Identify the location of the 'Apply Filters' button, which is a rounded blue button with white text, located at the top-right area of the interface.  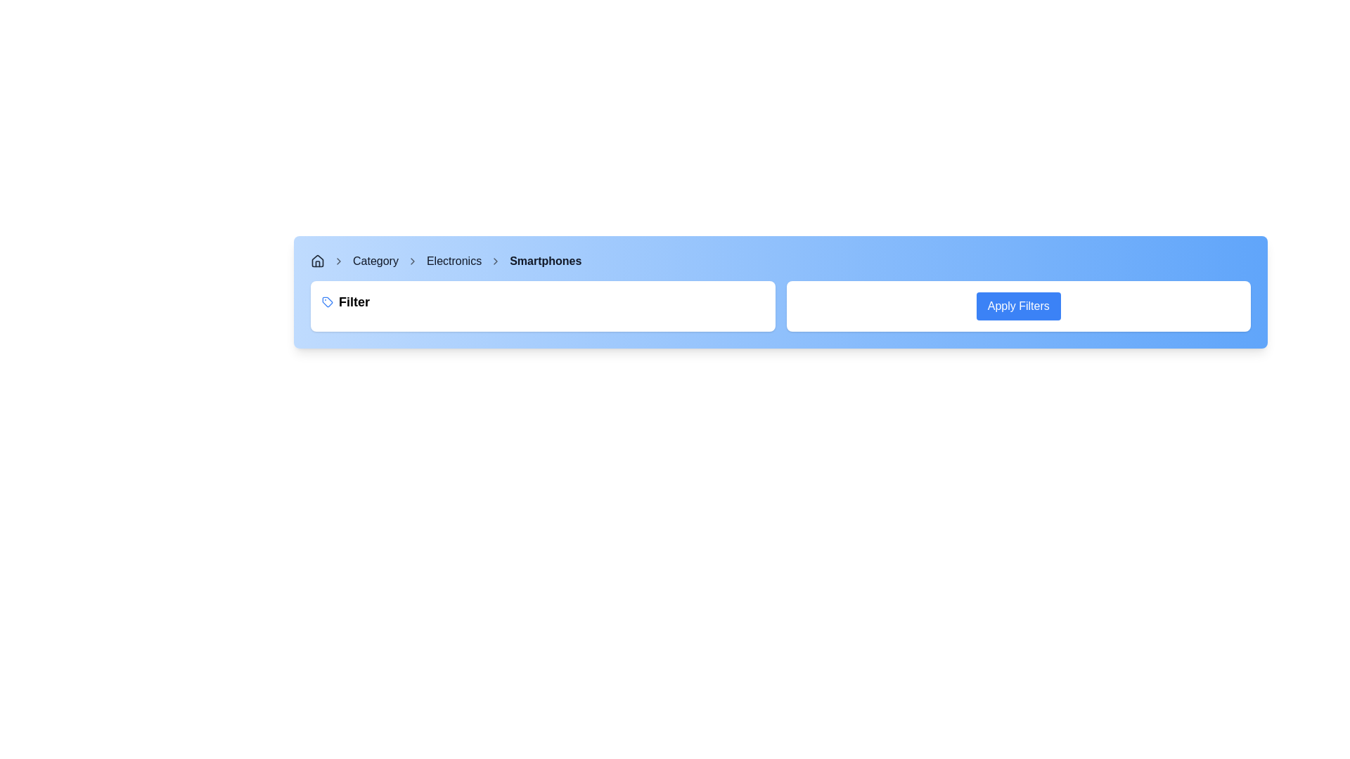
(1018, 305).